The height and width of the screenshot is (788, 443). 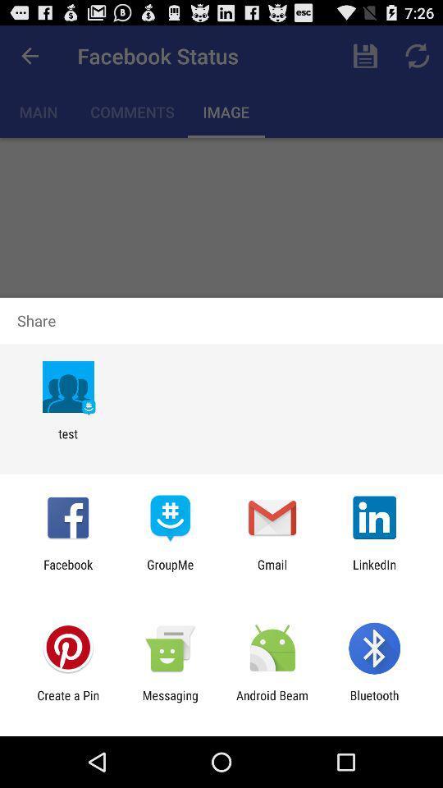 What do you see at coordinates (374, 702) in the screenshot?
I see `the bluetooth item` at bounding box center [374, 702].